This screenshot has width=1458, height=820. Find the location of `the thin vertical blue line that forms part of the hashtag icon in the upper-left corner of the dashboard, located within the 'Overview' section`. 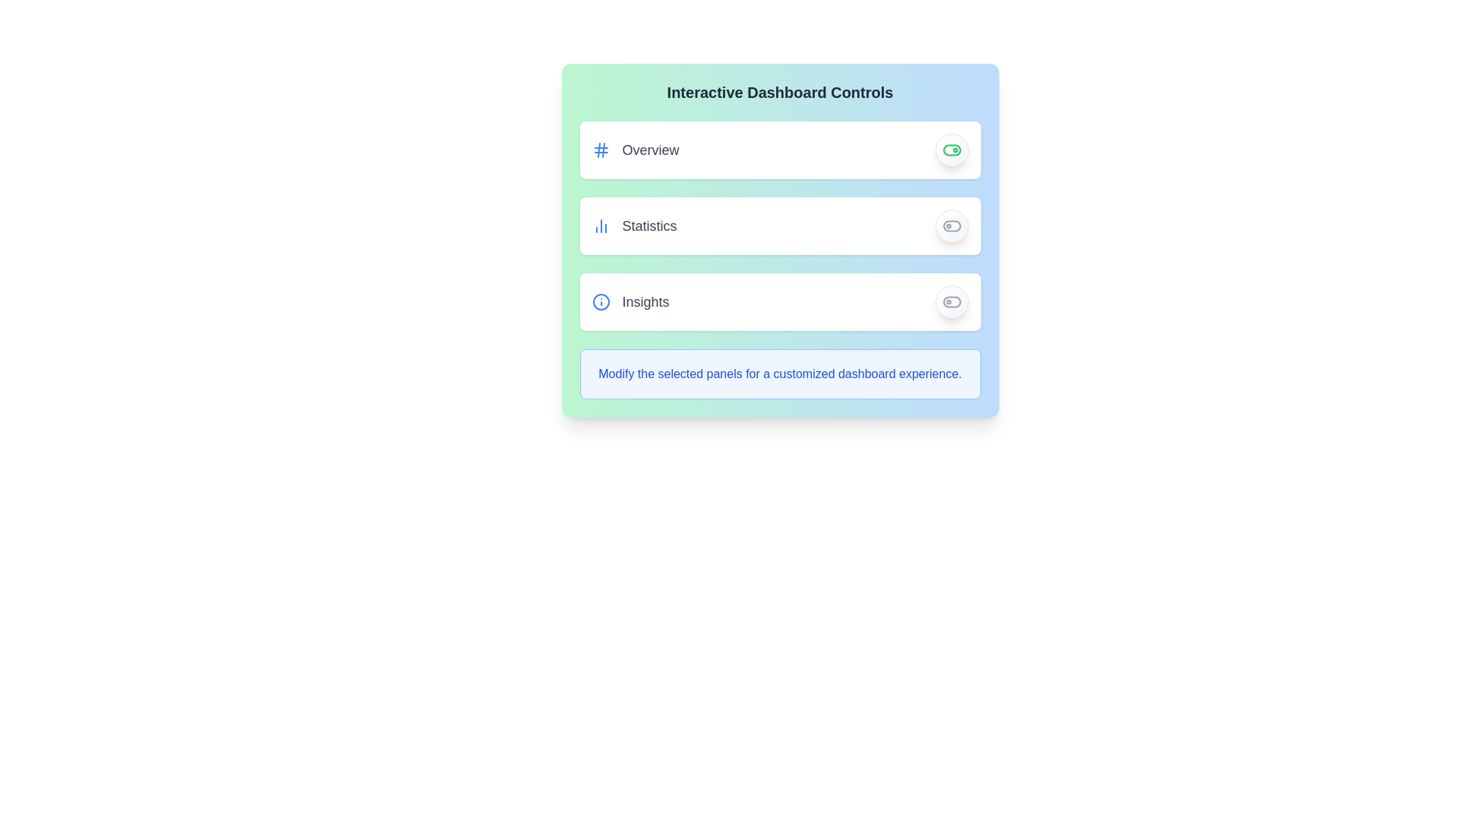

the thin vertical blue line that forms part of the hashtag icon in the upper-left corner of the dashboard, located within the 'Overview' section is located at coordinates (602, 150).